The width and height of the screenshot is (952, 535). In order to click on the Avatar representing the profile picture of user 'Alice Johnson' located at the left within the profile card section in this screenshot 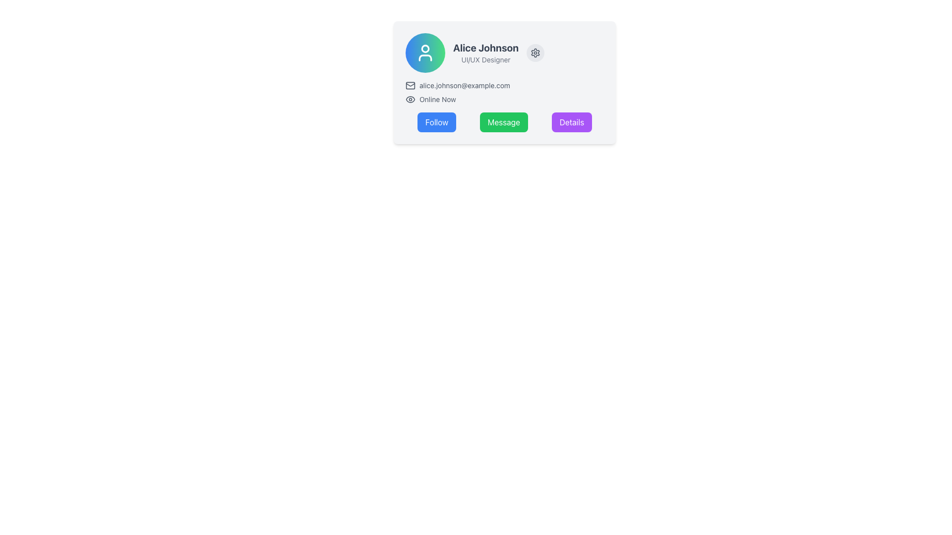, I will do `click(425, 53)`.